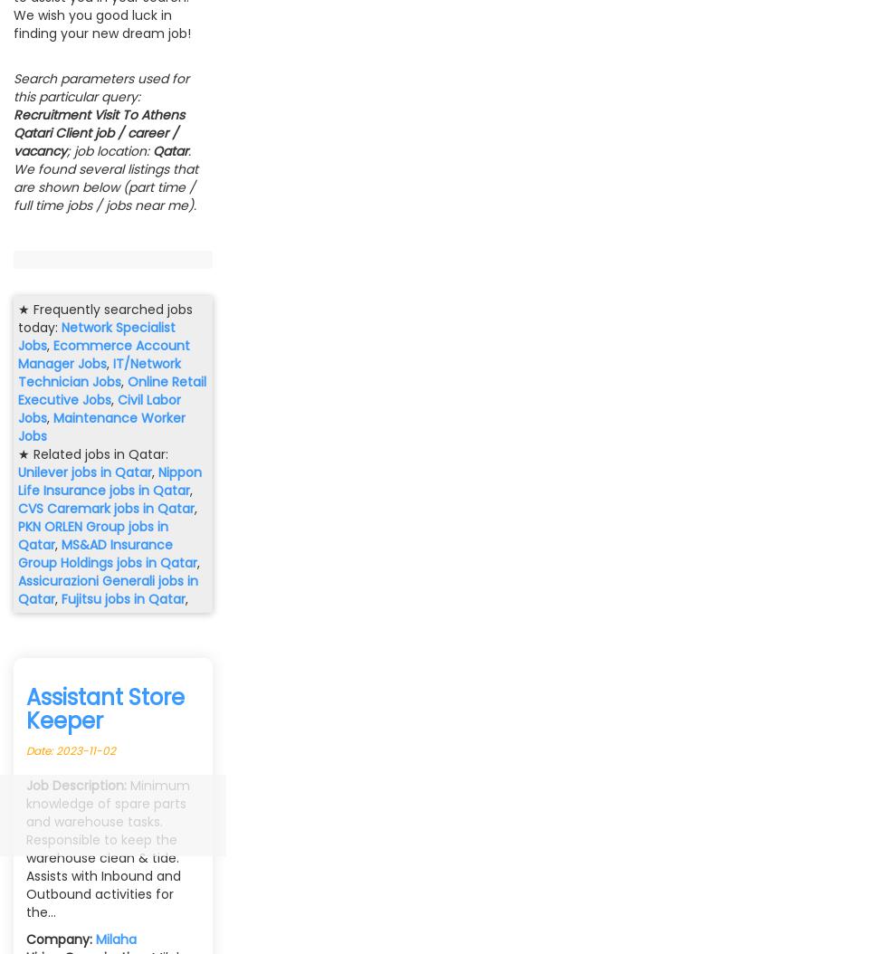  What do you see at coordinates (122, 599) in the screenshot?
I see `'Fujitsu jobs in Qatar'` at bounding box center [122, 599].